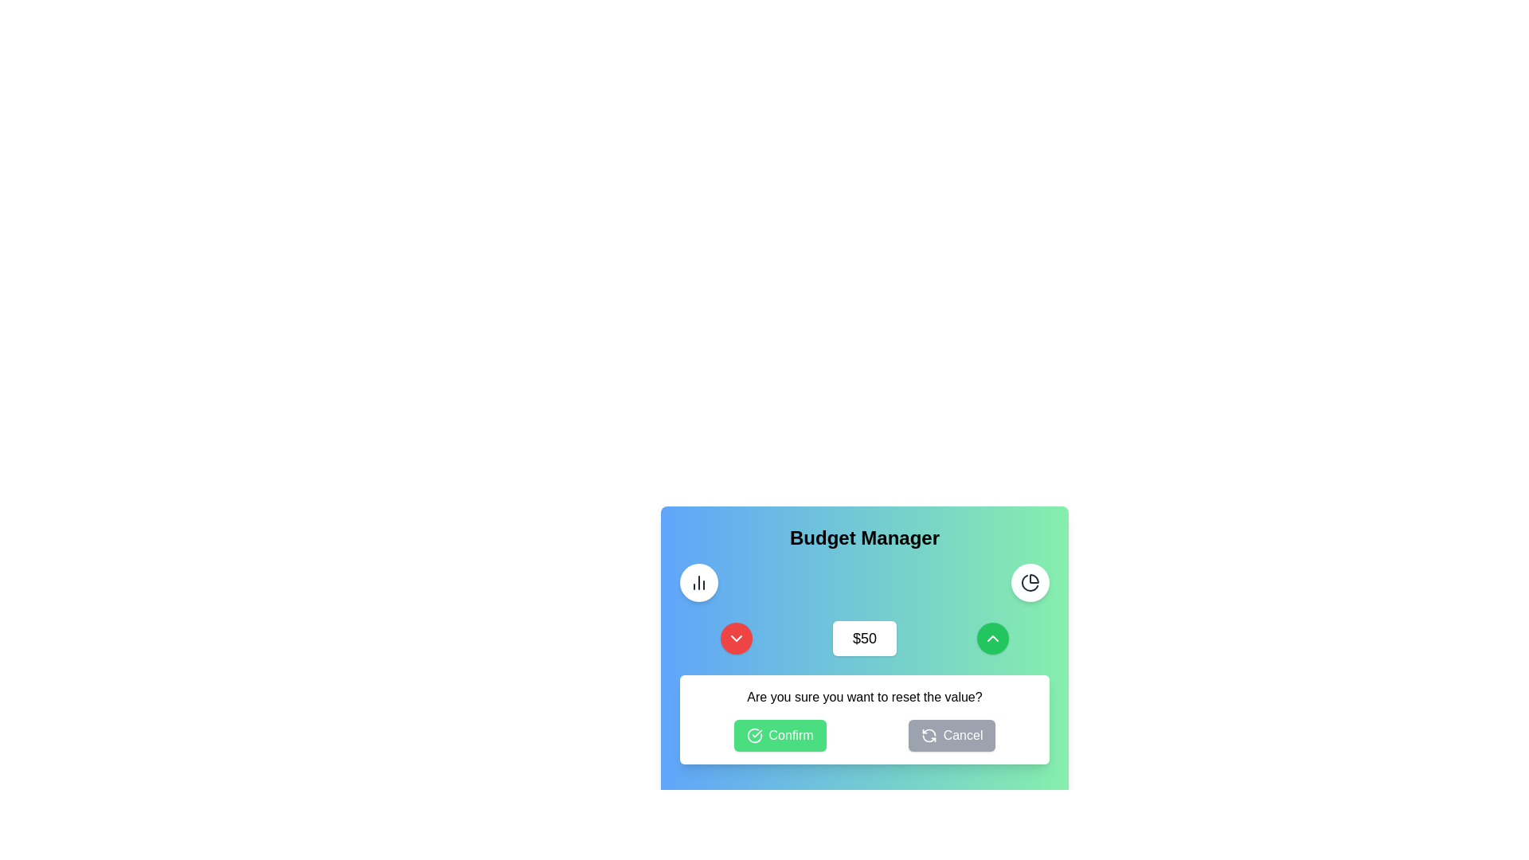 The image size is (1529, 860). What do you see at coordinates (863, 537) in the screenshot?
I see `the 'Budget Manager' text label, which is a centered bold text at the top of a component with a gradient blue-to-green background` at bounding box center [863, 537].